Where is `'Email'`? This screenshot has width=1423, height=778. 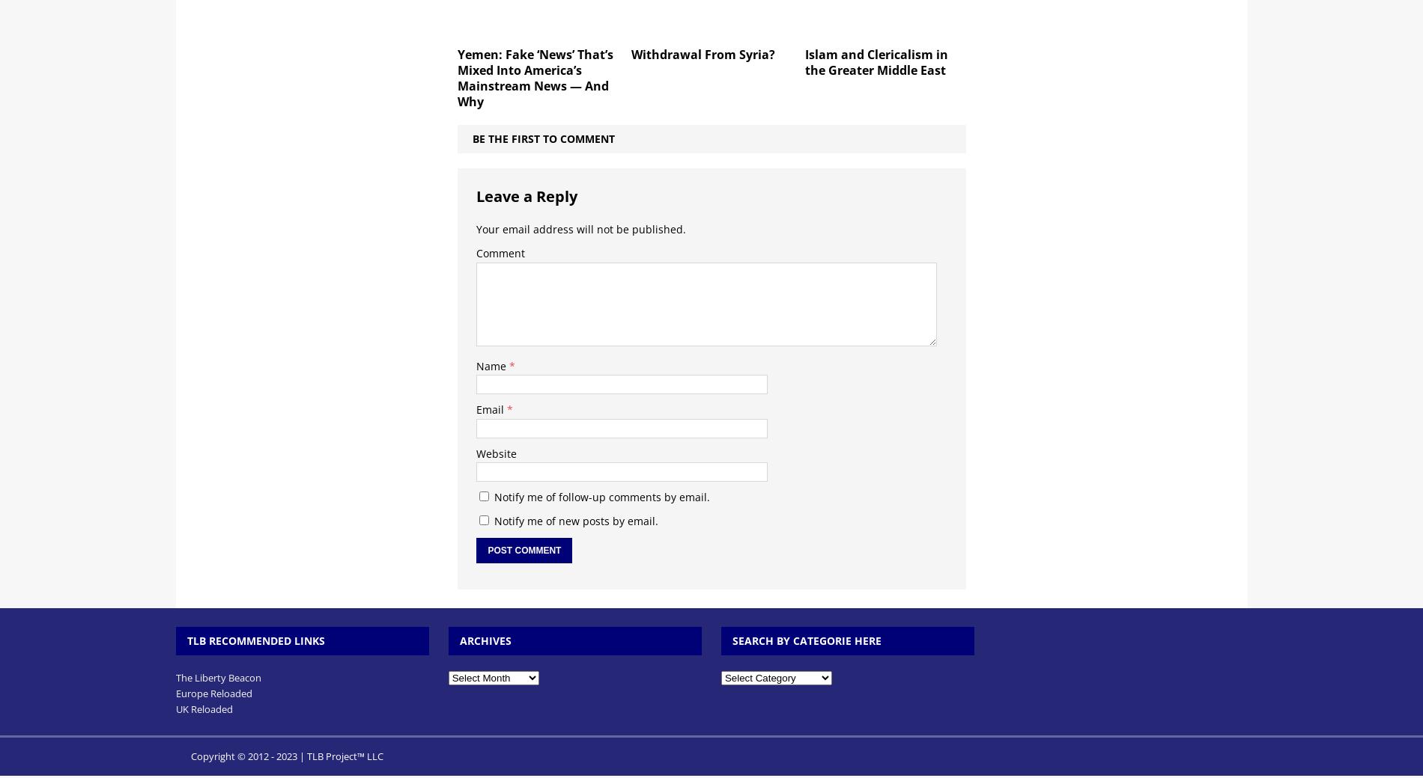
'Email' is located at coordinates (491, 408).